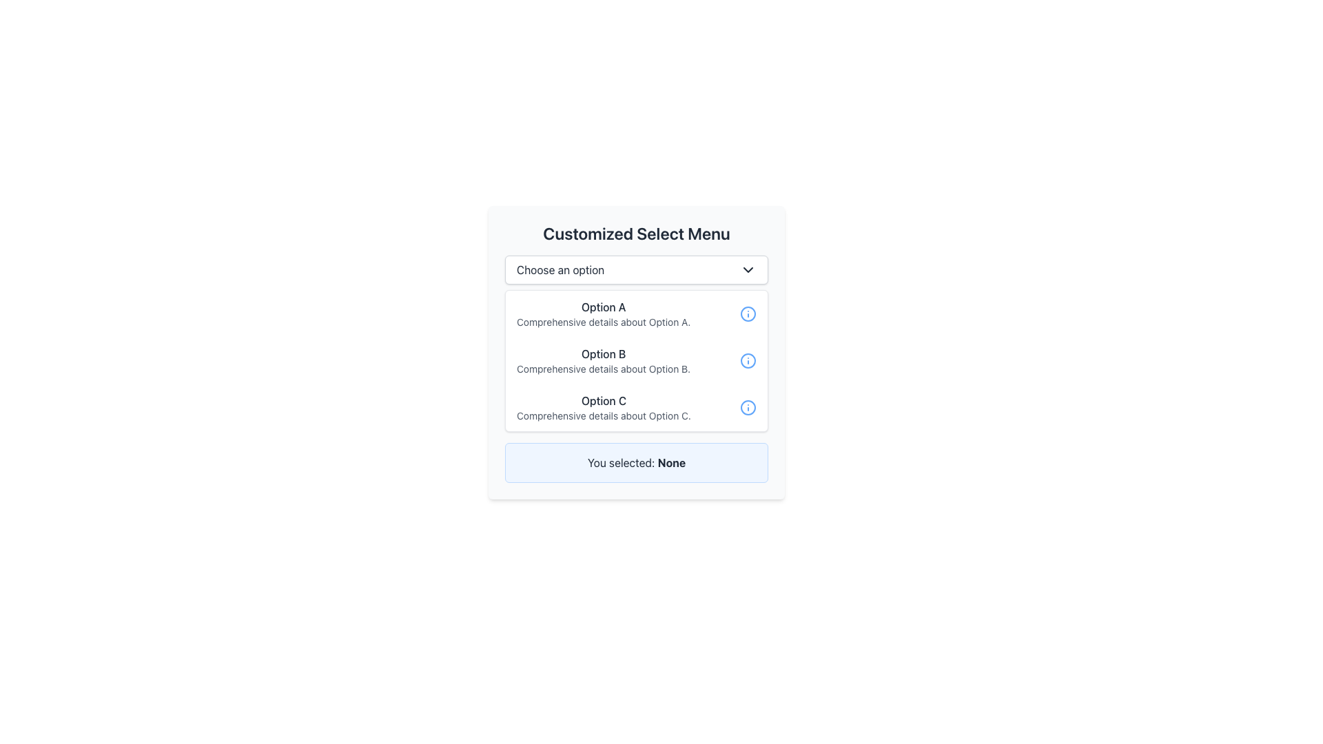 The height and width of the screenshot is (744, 1323). I want to click on the static display text that provides feedback about the user's selection, located at the bottom of a card-like component beneath the dropdown options, so click(636, 462).